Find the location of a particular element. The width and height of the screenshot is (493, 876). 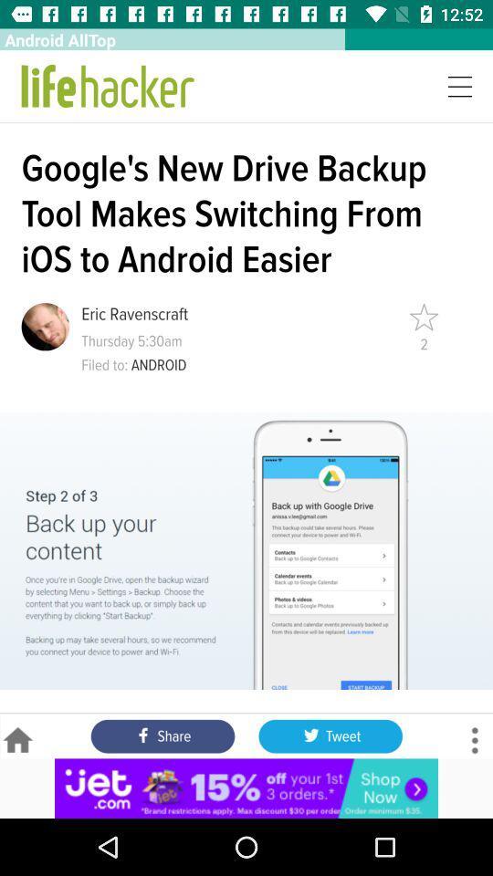

see more options is located at coordinates (475, 740).